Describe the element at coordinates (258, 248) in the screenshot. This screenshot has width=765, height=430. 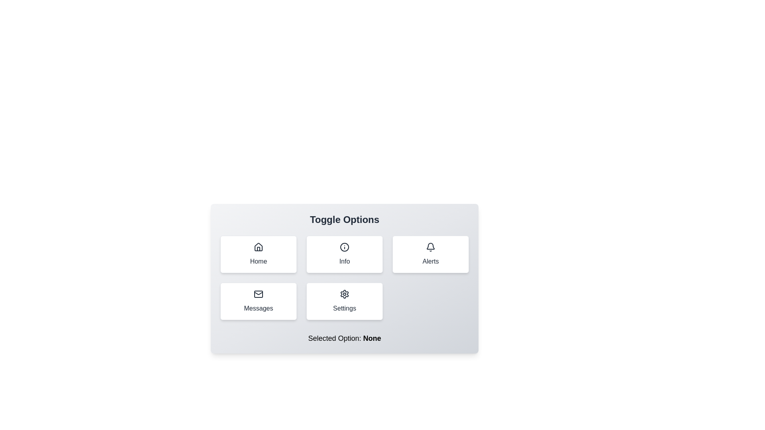
I see `the door icon of the house SVG graphic located within the 'Home' button area, positioned at the bottom-center of the house representation` at that location.